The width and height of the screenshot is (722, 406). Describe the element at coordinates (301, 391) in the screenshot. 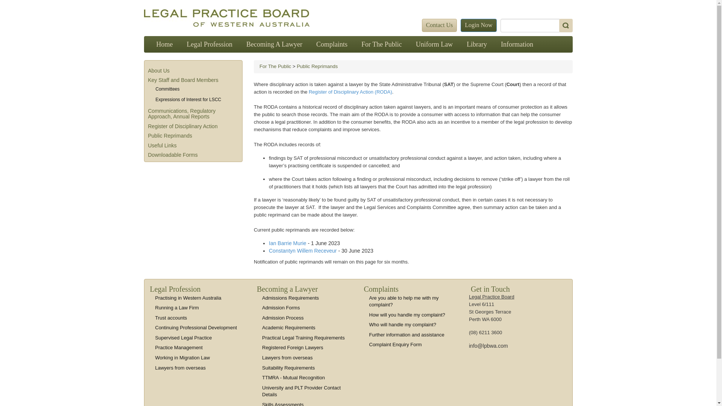

I see `'University and PLT Provider Contact Details'` at that location.